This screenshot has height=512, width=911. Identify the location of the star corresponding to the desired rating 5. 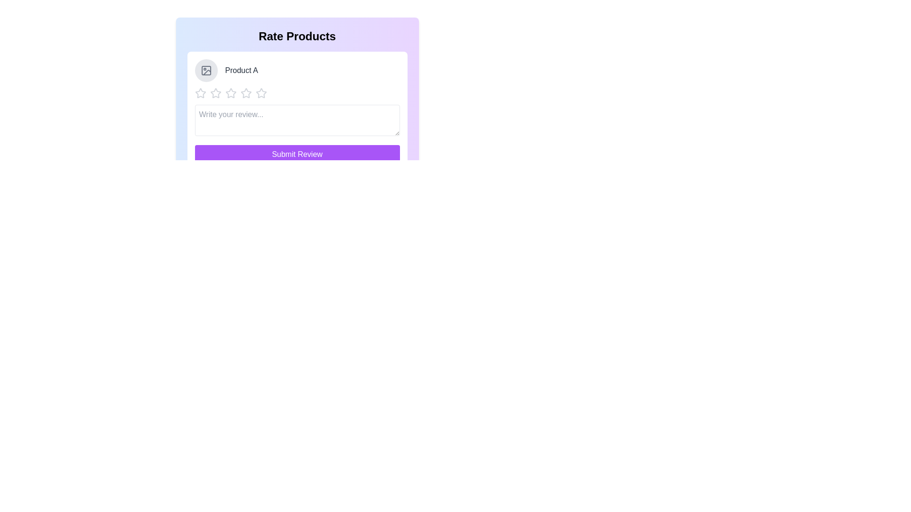
(261, 93).